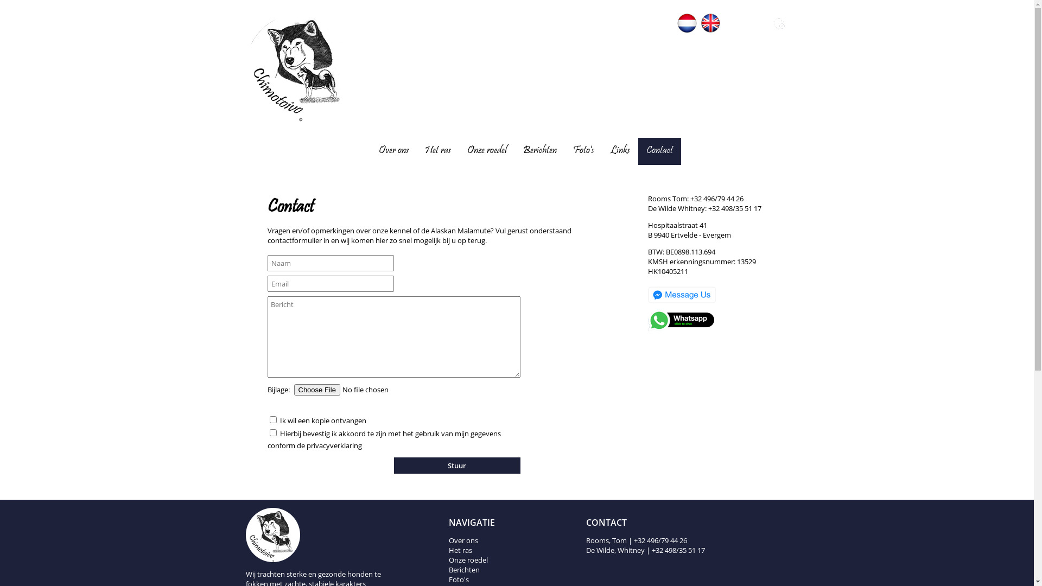 The width and height of the screenshot is (1042, 586). I want to click on 'Chat met ons', so click(681, 303).